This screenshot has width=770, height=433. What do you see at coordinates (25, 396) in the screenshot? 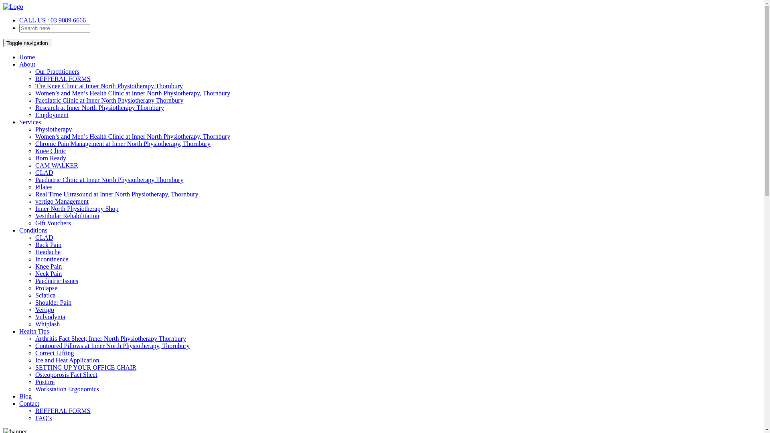
I see `'Blog'` at bounding box center [25, 396].